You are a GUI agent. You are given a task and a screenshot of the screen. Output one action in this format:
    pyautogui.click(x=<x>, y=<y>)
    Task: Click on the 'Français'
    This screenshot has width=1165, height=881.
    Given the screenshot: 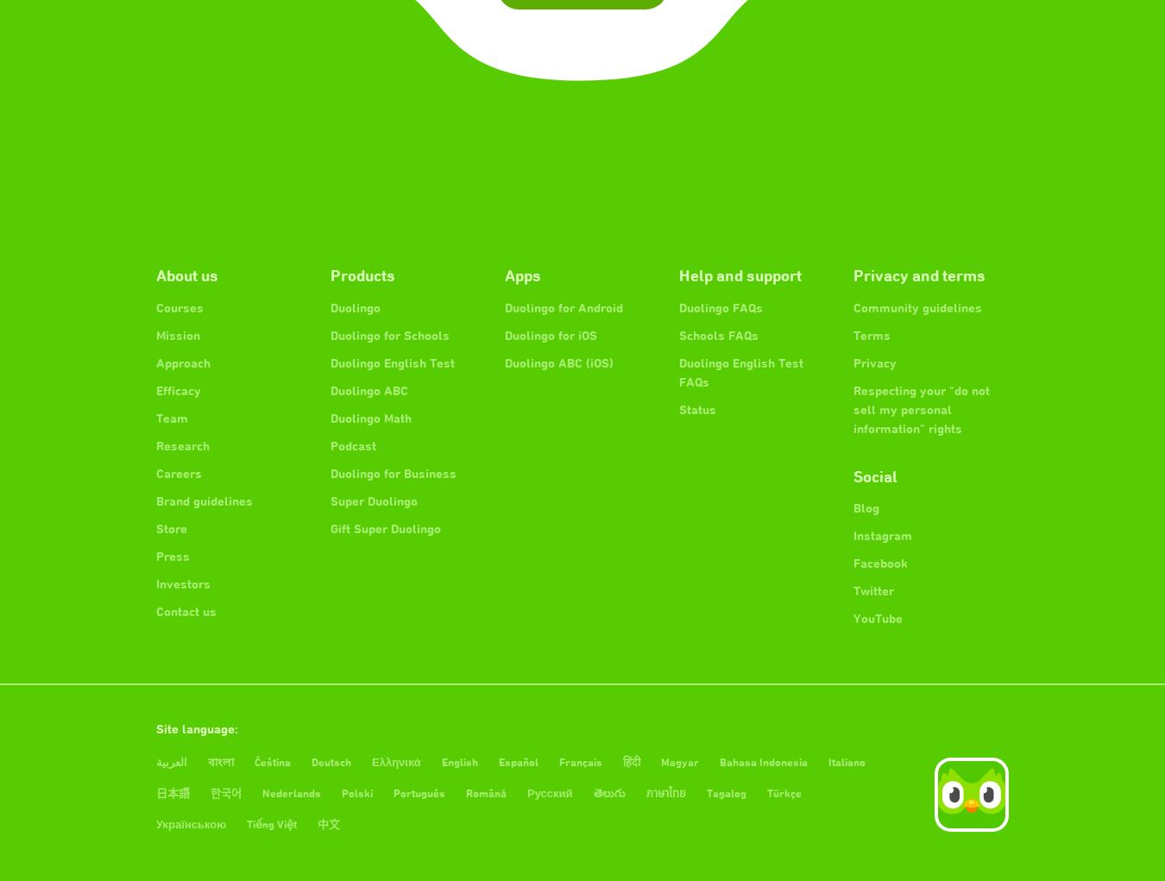 What is the action you would take?
    pyautogui.click(x=558, y=761)
    